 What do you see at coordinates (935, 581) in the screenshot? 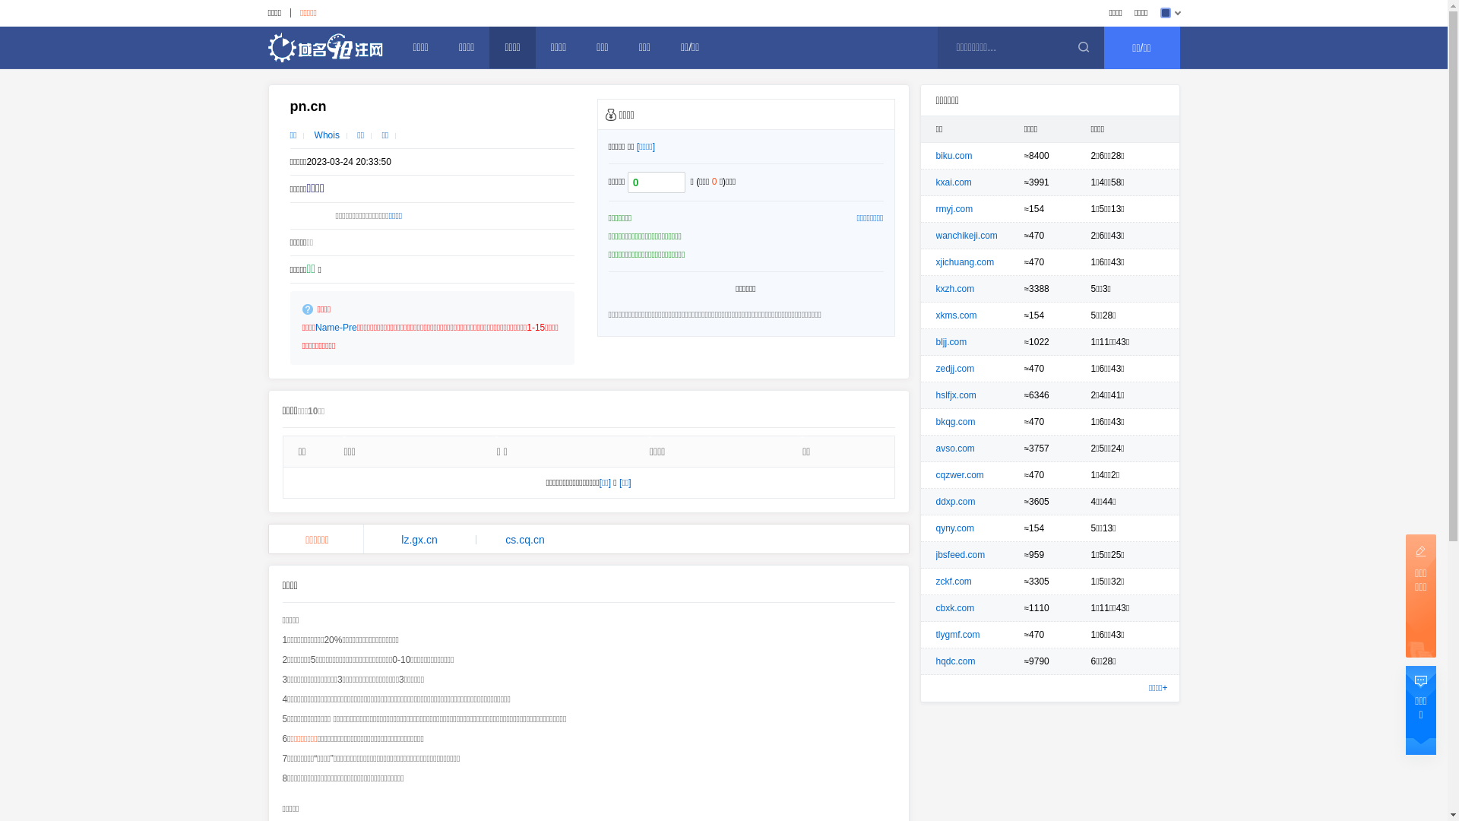
I see `'zckf.com'` at bounding box center [935, 581].